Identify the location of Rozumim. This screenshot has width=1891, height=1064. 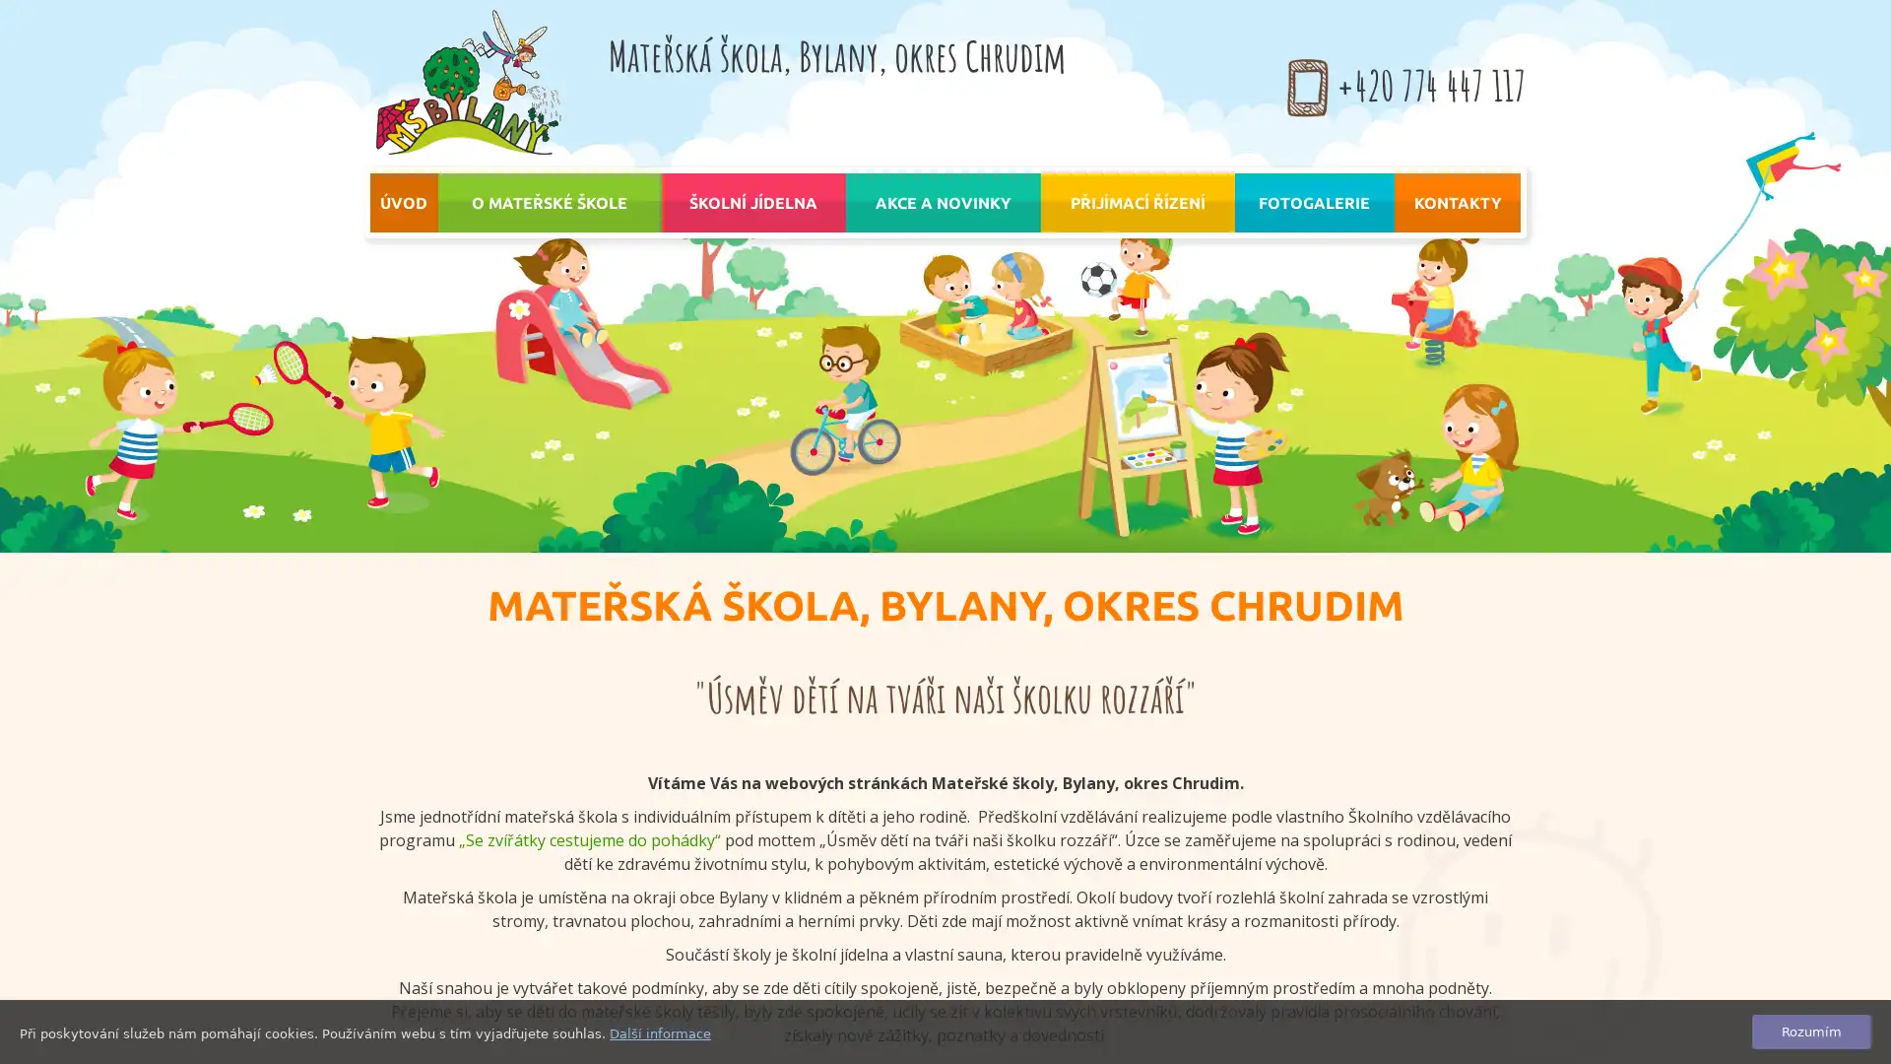
(1811, 1031).